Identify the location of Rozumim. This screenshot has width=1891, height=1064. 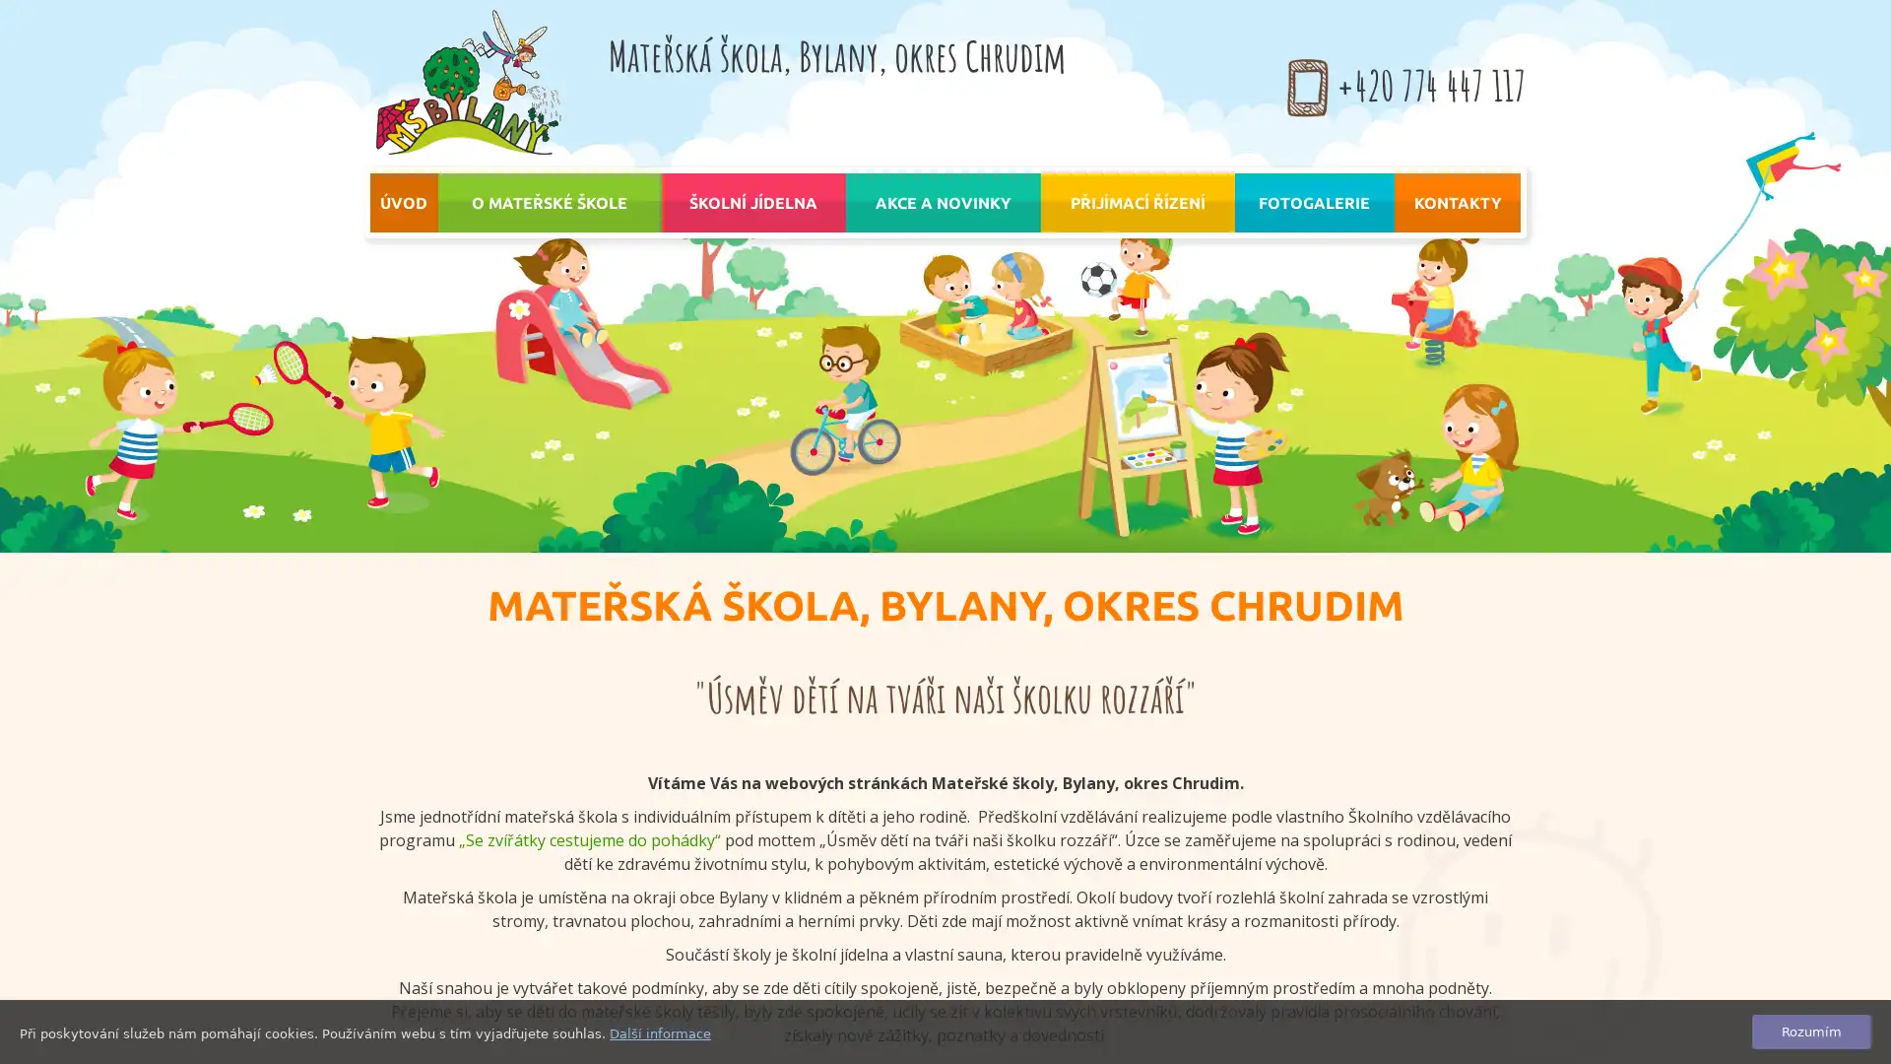
(1811, 1031).